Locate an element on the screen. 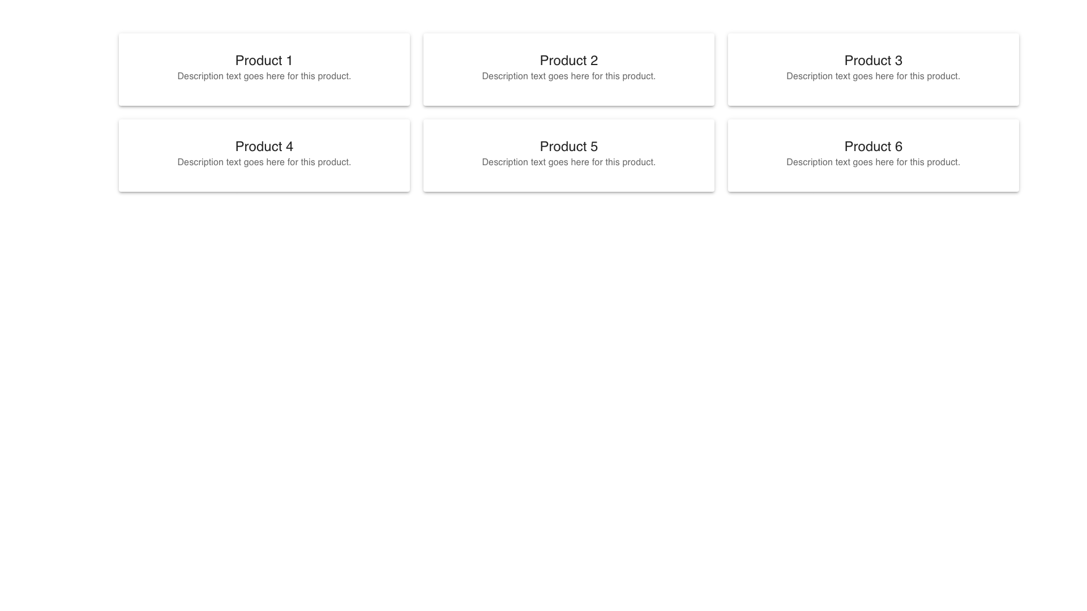 The width and height of the screenshot is (1087, 611). the Text Label providing a brief description of 'Product 1' located beneath its title within the card is located at coordinates (263, 76).